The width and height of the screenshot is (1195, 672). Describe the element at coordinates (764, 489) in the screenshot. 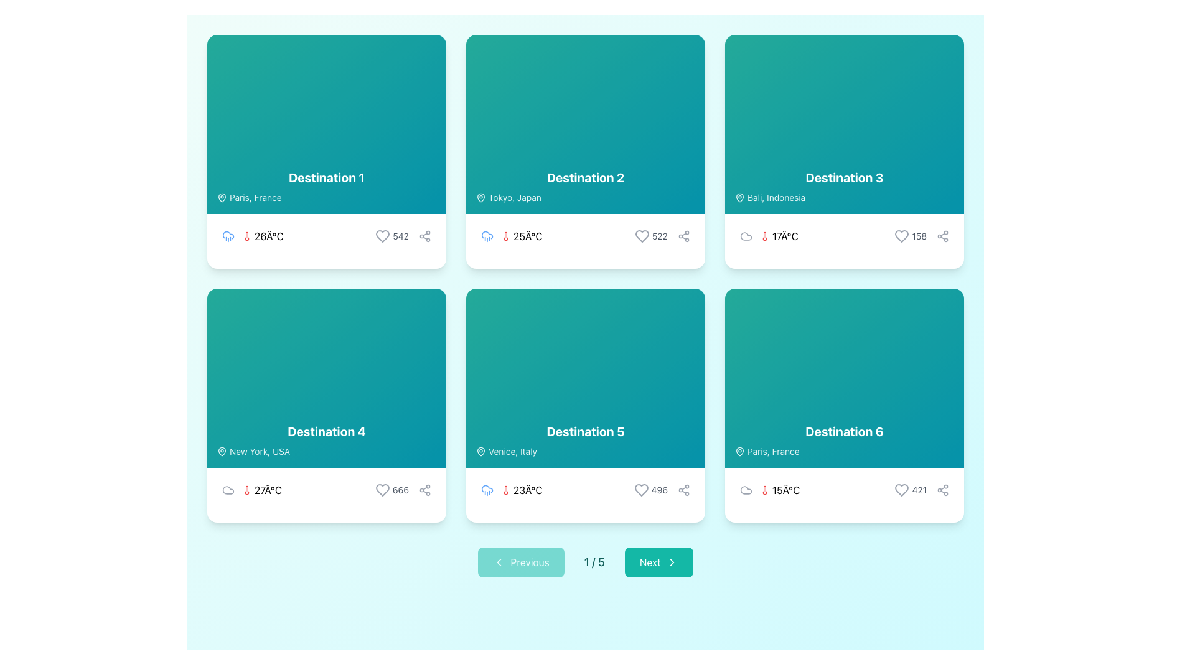

I see `the red thermometer icon located within the 'Destination 6' card, which is positioned to the left of the text '15°C', to understand related information` at that location.